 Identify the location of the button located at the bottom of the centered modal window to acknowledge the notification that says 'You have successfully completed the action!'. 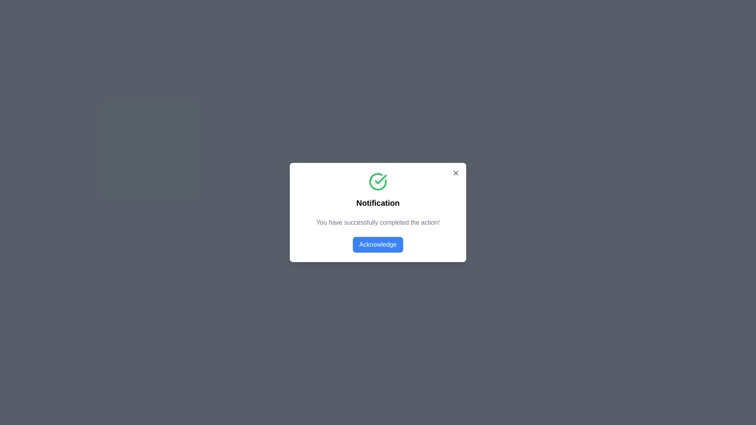
(378, 244).